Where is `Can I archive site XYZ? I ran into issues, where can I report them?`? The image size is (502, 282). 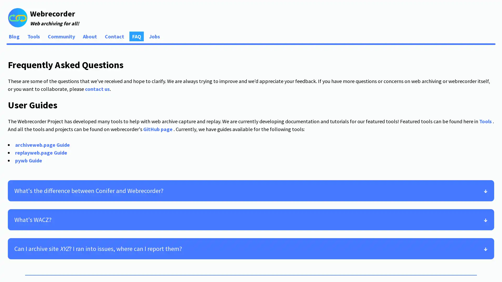 Can I archive site XYZ? I ran into issues, where can I report them? is located at coordinates (251, 248).